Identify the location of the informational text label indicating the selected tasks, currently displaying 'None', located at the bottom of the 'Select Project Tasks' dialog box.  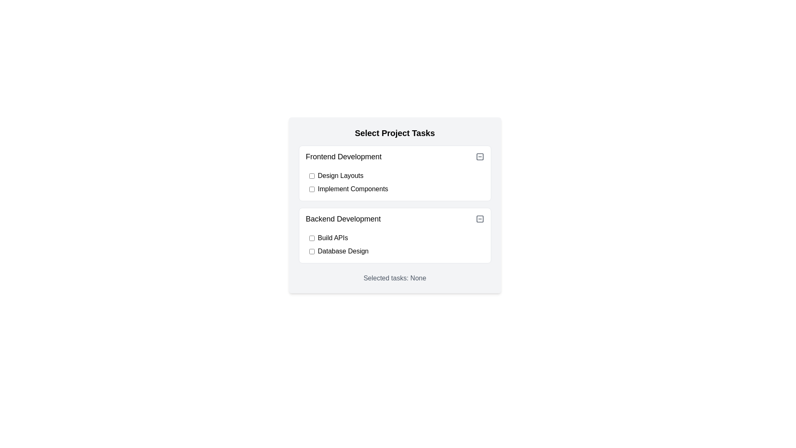
(394, 278).